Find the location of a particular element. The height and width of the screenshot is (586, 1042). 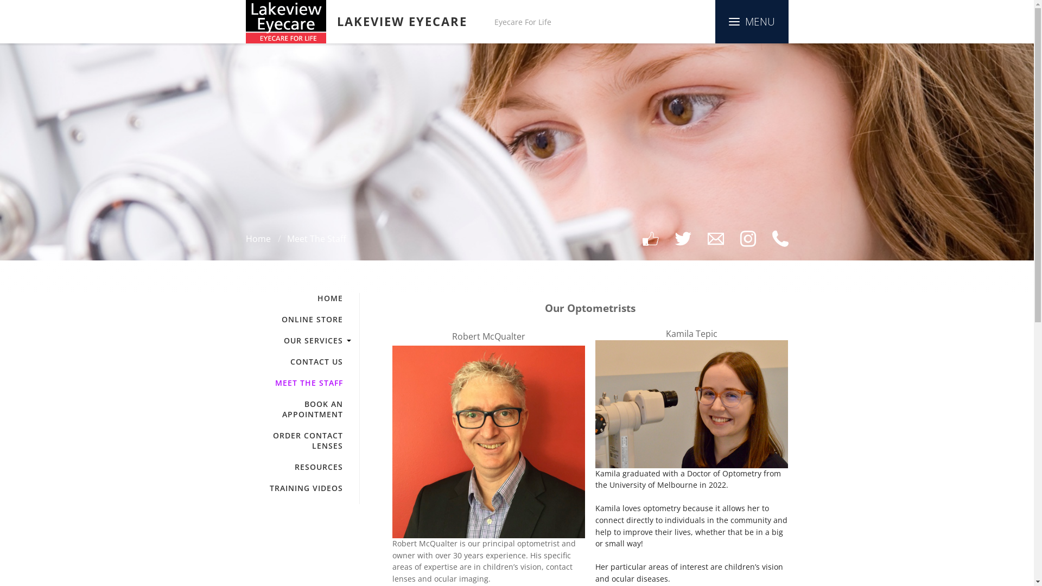

'MEET THE STAFF' is located at coordinates (294, 382).